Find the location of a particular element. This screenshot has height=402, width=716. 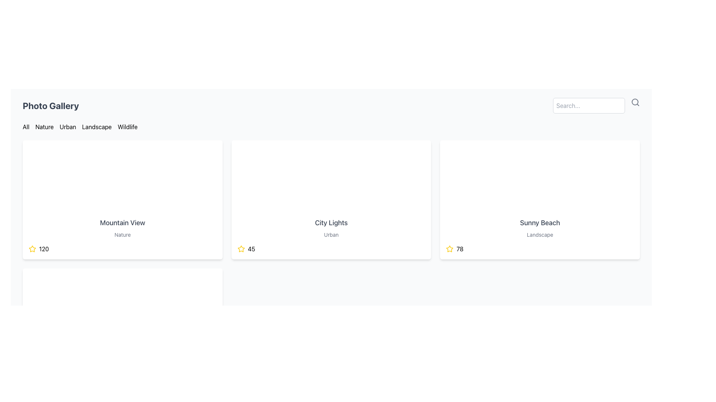

the first card component is located at coordinates (122, 199).